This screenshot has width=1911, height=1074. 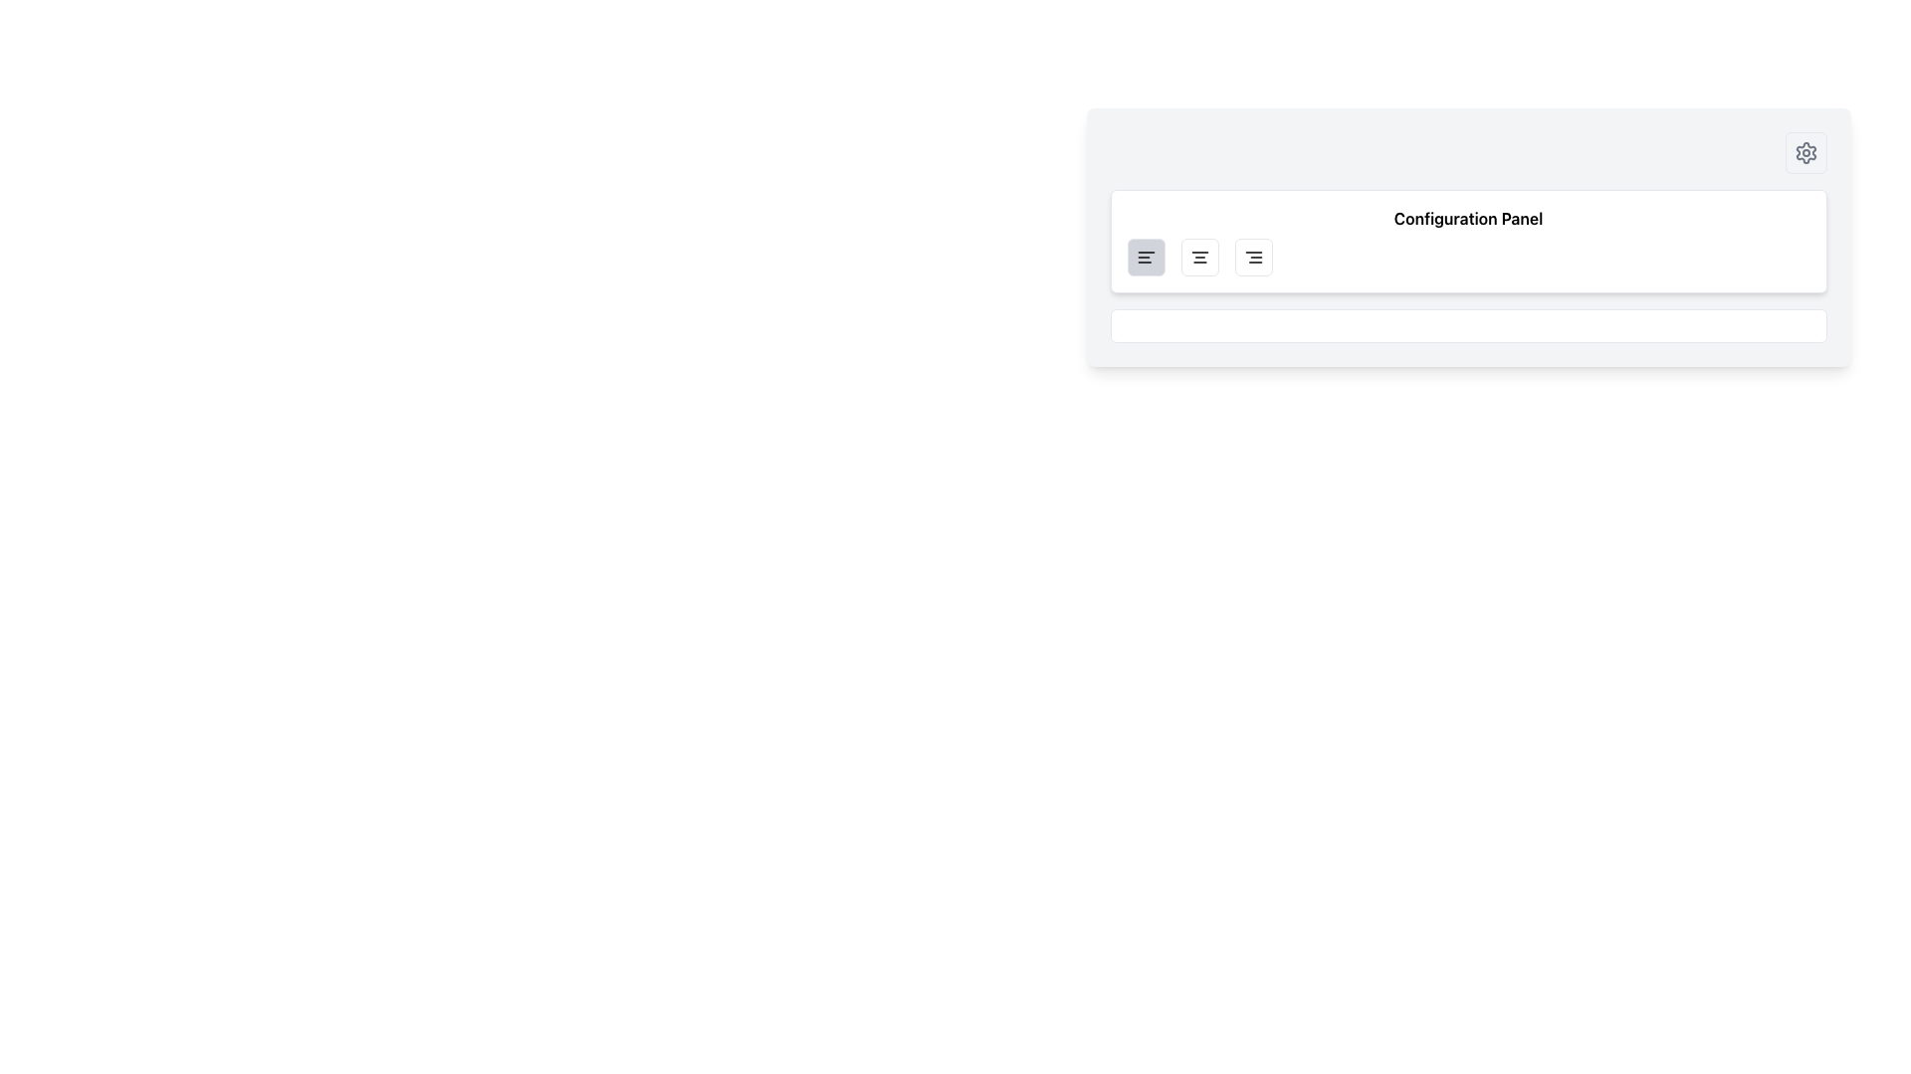 What do you see at coordinates (1805, 152) in the screenshot?
I see `the gear icon located at the top-right corner of the configuration panel` at bounding box center [1805, 152].